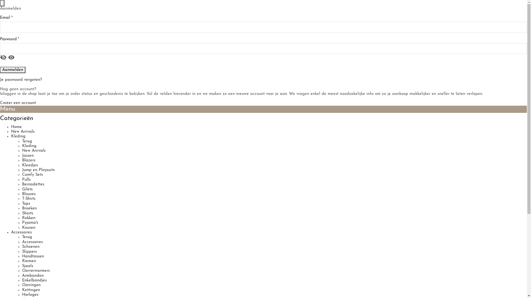 The image size is (531, 298). I want to click on 'Sjaals', so click(27, 266).